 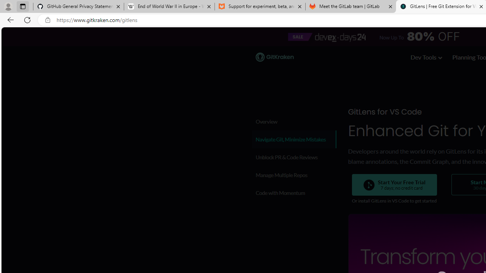 I want to click on 'Manage Multiple Repos', so click(x=293, y=175).